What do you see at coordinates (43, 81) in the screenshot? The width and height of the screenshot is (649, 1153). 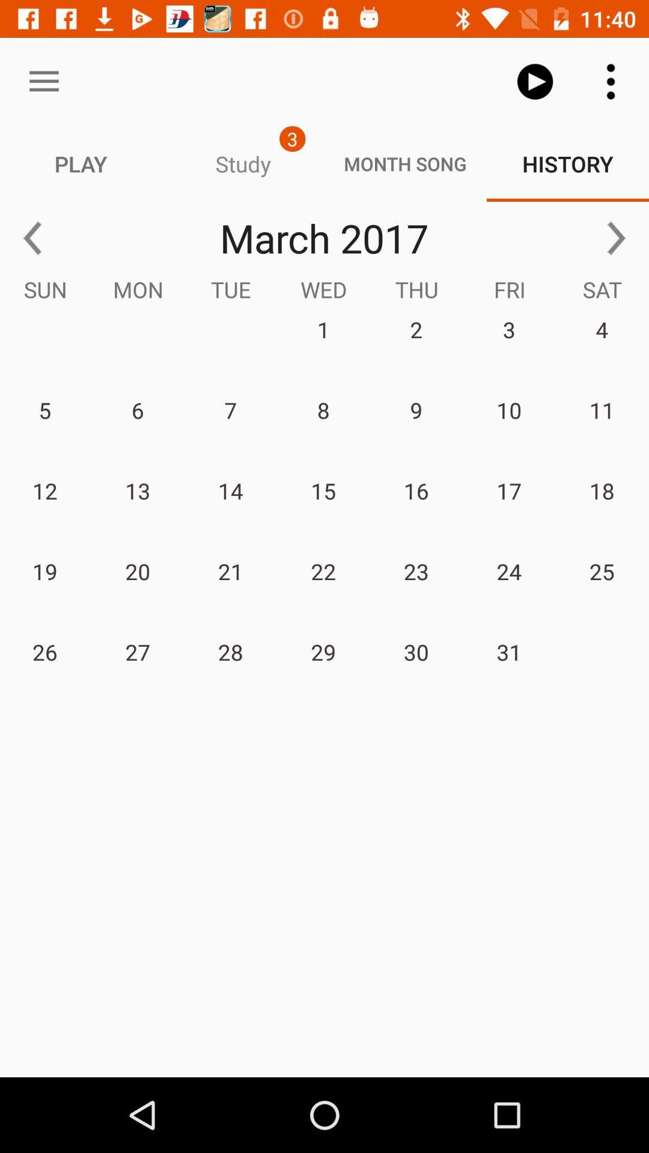 I see `the item to the left of the 3` at bounding box center [43, 81].